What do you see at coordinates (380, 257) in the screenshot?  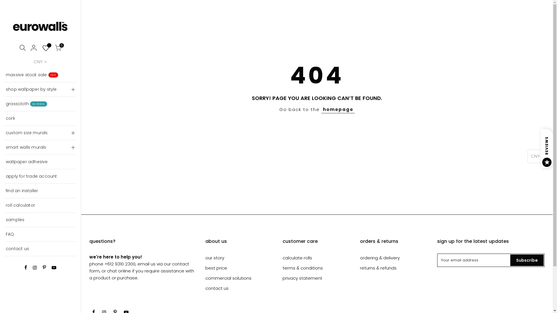 I see `'ordering & delivery'` at bounding box center [380, 257].